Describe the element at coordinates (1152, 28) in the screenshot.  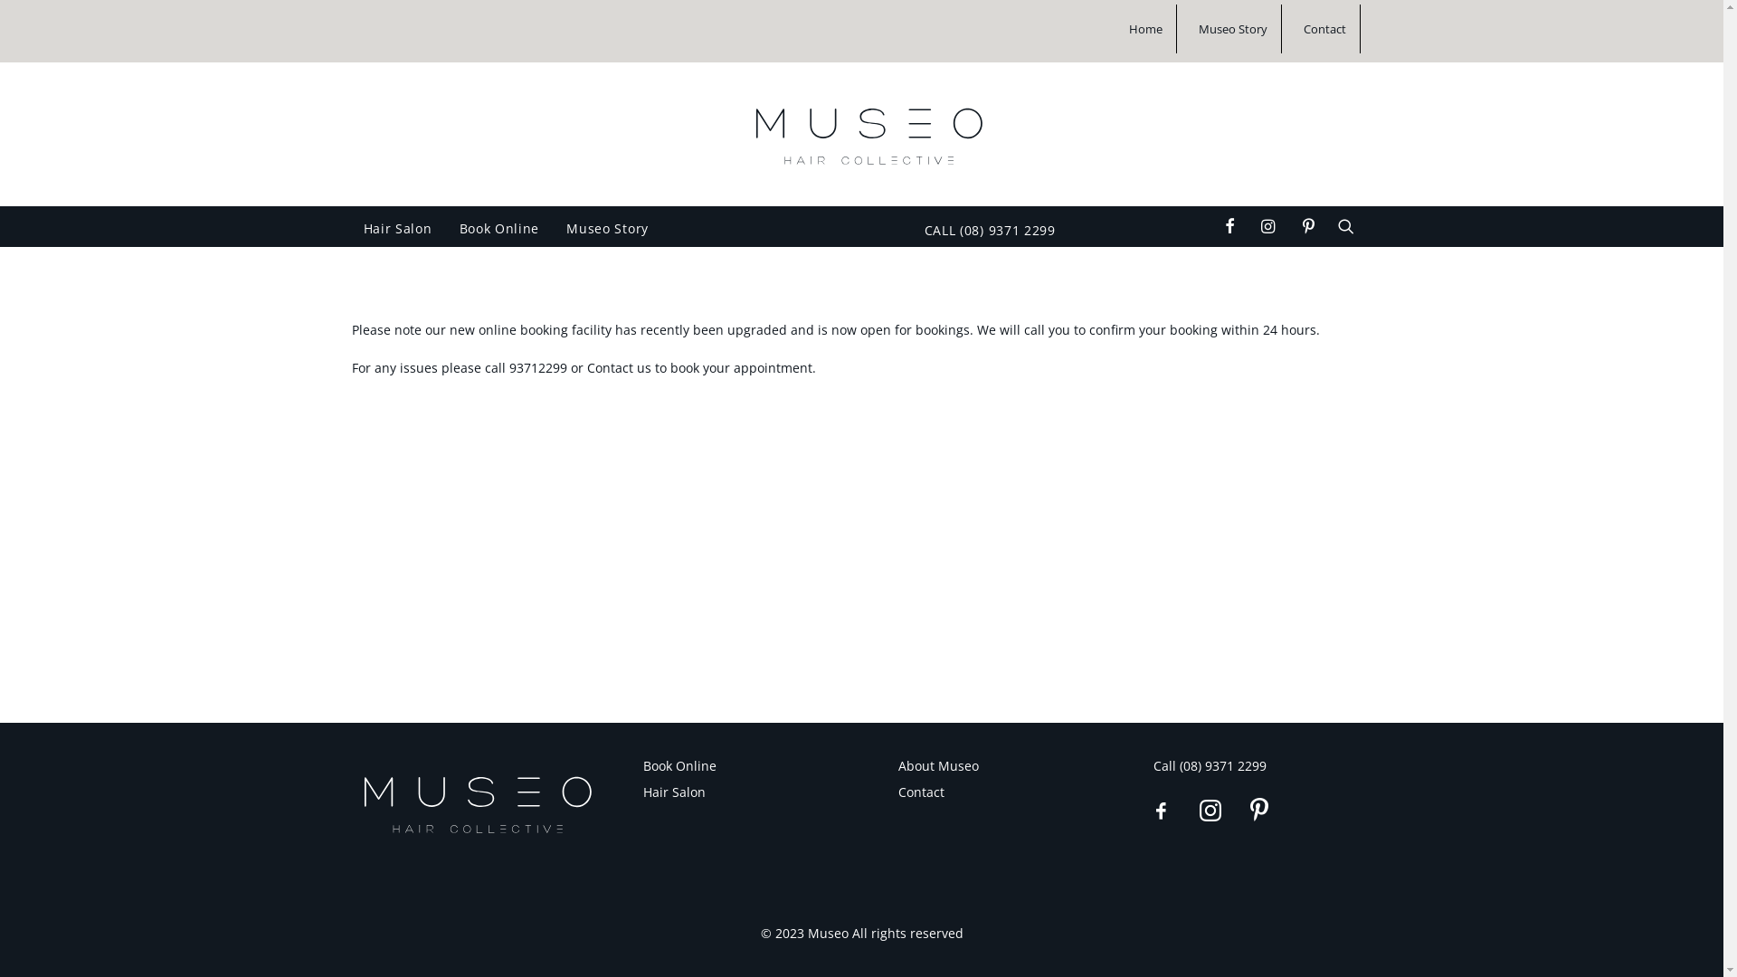
I see `'Home'` at that location.